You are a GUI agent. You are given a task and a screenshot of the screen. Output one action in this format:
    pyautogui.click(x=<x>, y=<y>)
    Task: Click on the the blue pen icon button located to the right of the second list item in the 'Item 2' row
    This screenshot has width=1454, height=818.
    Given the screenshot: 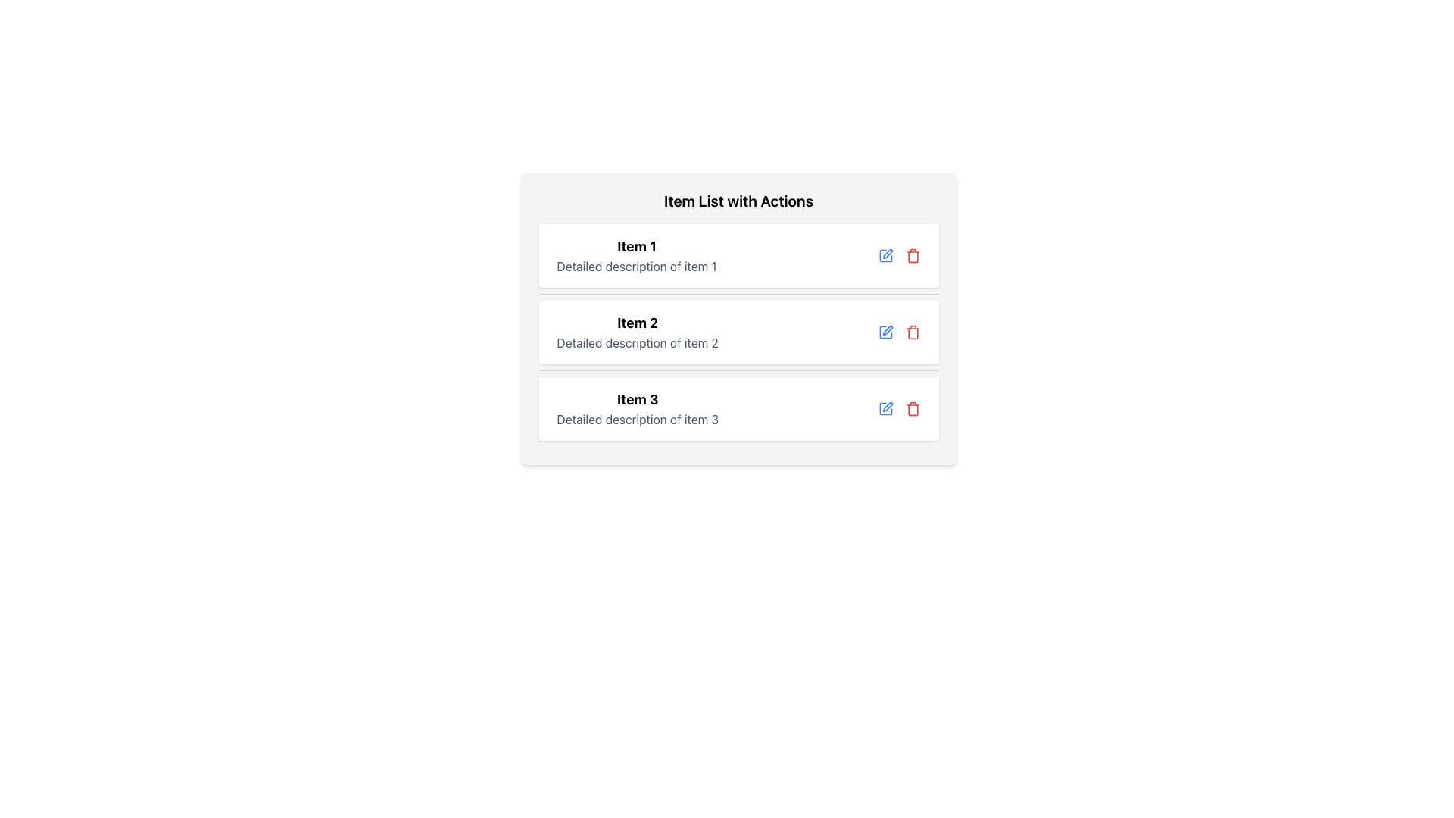 What is the action you would take?
    pyautogui.click(x=887, y=329)
    